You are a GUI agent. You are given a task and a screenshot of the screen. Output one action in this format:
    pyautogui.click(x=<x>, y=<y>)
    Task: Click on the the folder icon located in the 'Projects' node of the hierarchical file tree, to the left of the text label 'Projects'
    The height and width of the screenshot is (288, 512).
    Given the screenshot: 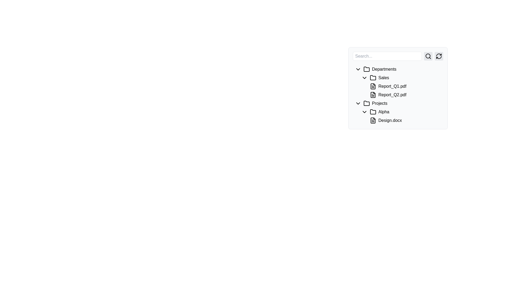 What is the action you would take?
    pyautogui.click(x=367, y=103)
    